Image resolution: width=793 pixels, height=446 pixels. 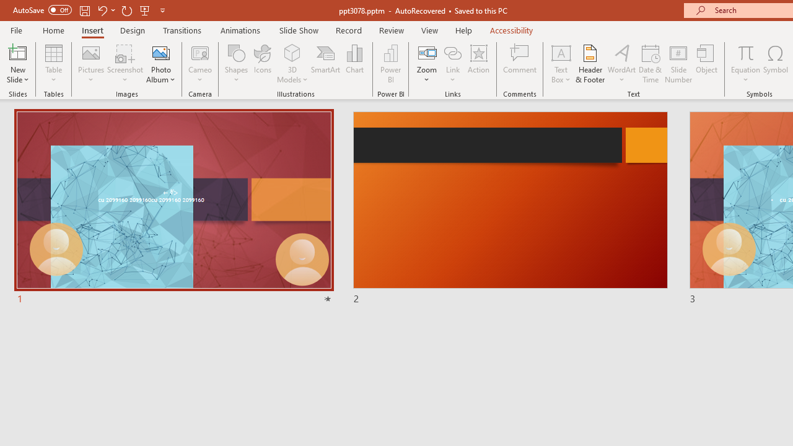 I want to click on 'Icons', so click(x=262, y=64).